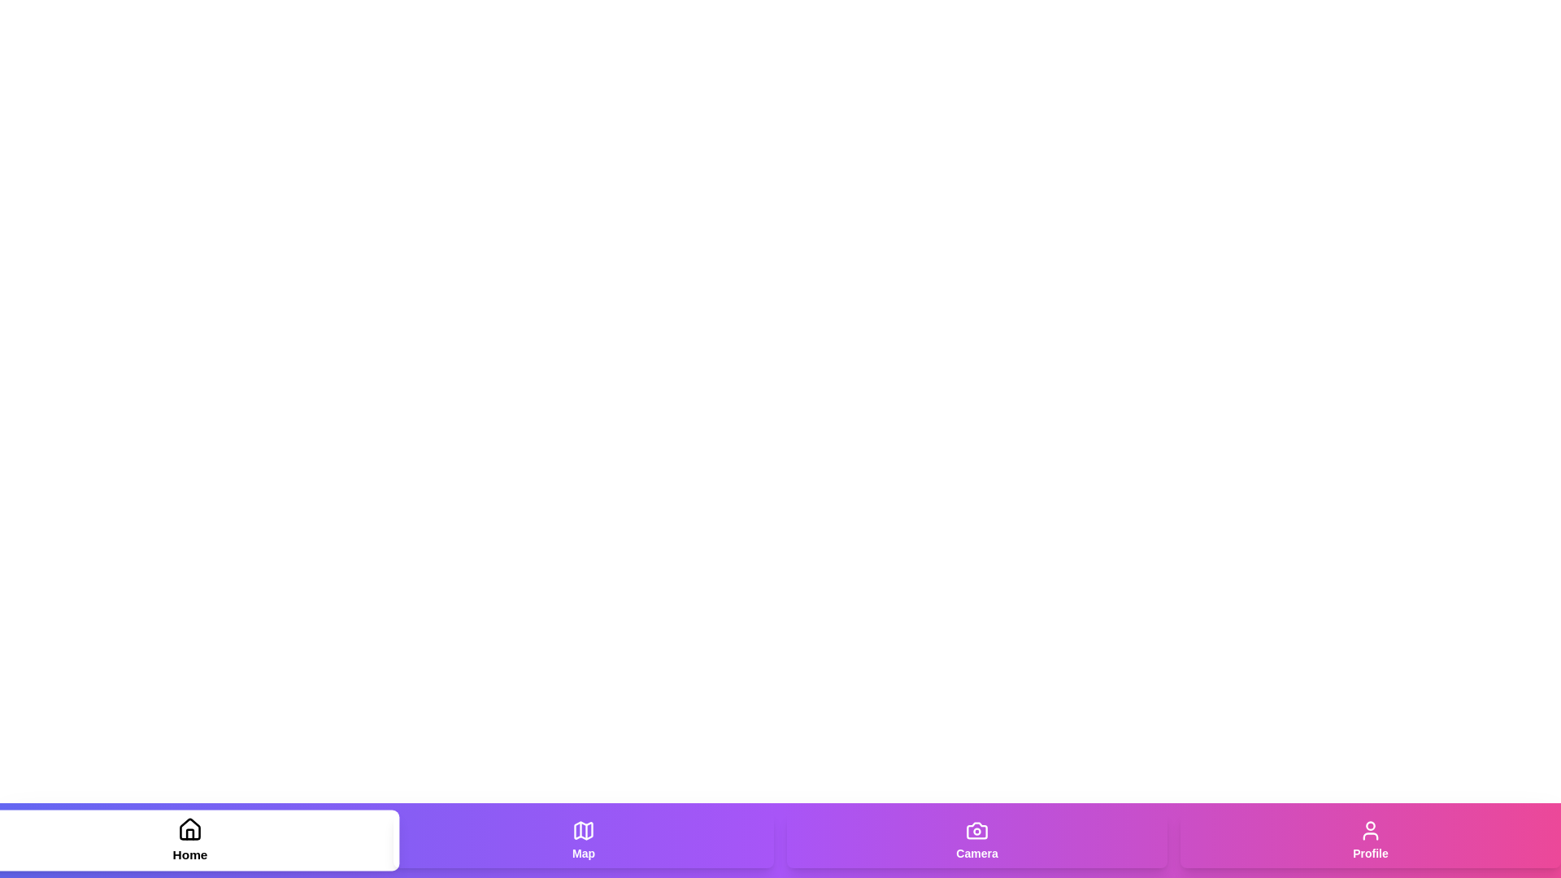  What do you see at coordinates (976, 840) in the screenshot?
I see `the Camera tab to navigate to its section` at bounding box center [976, 840].